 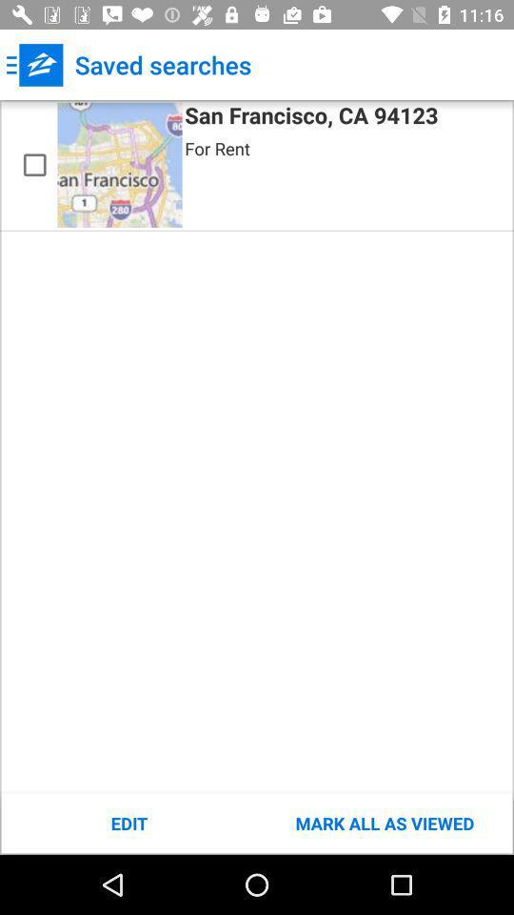 What do you see at coordinates (385, 823) in the screenshot?
I see `item below the san francisco ca` at bounding box center [385, 823].